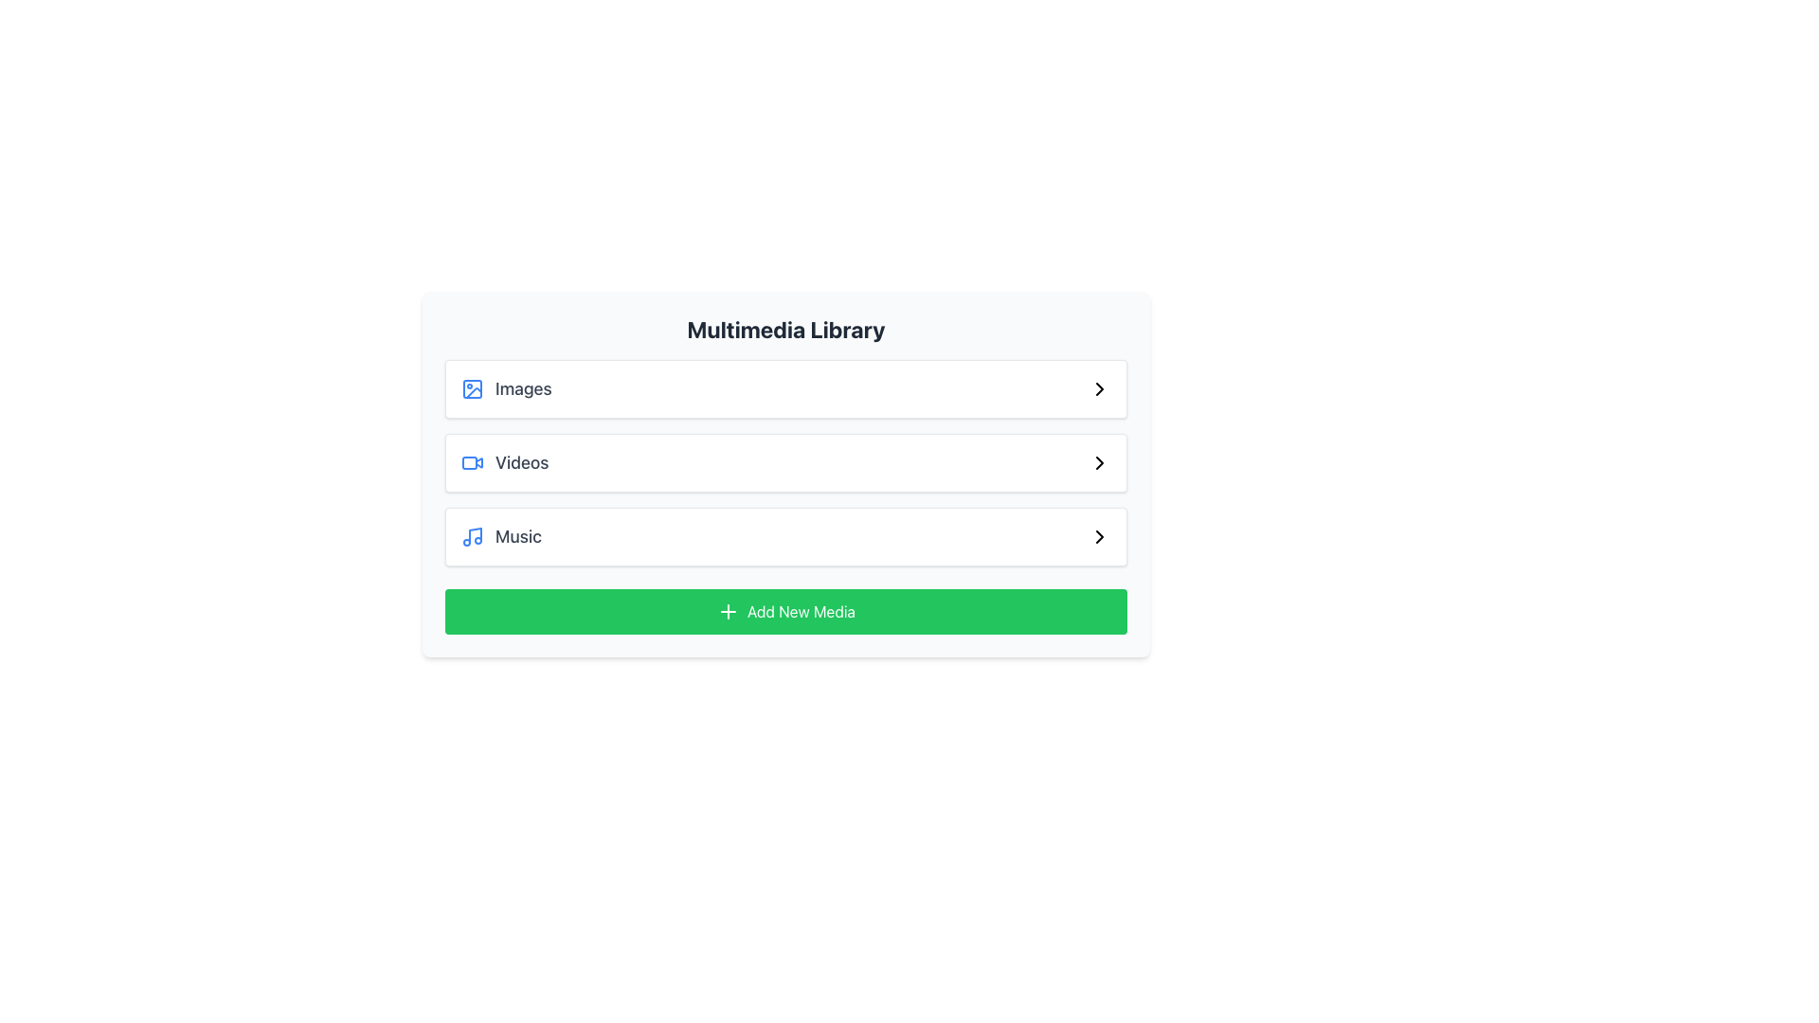 This screenshot has height=1023, width=1819. I want to click on the 'Images' textual label, which is styled in gray with medium font weight, located next to an image icon in the Multimedia Library interface, so click(523, 388).